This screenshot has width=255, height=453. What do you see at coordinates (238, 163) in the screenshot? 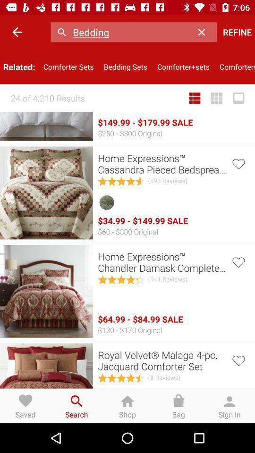
I see `to wishlist` at bounding box center [238, 163].